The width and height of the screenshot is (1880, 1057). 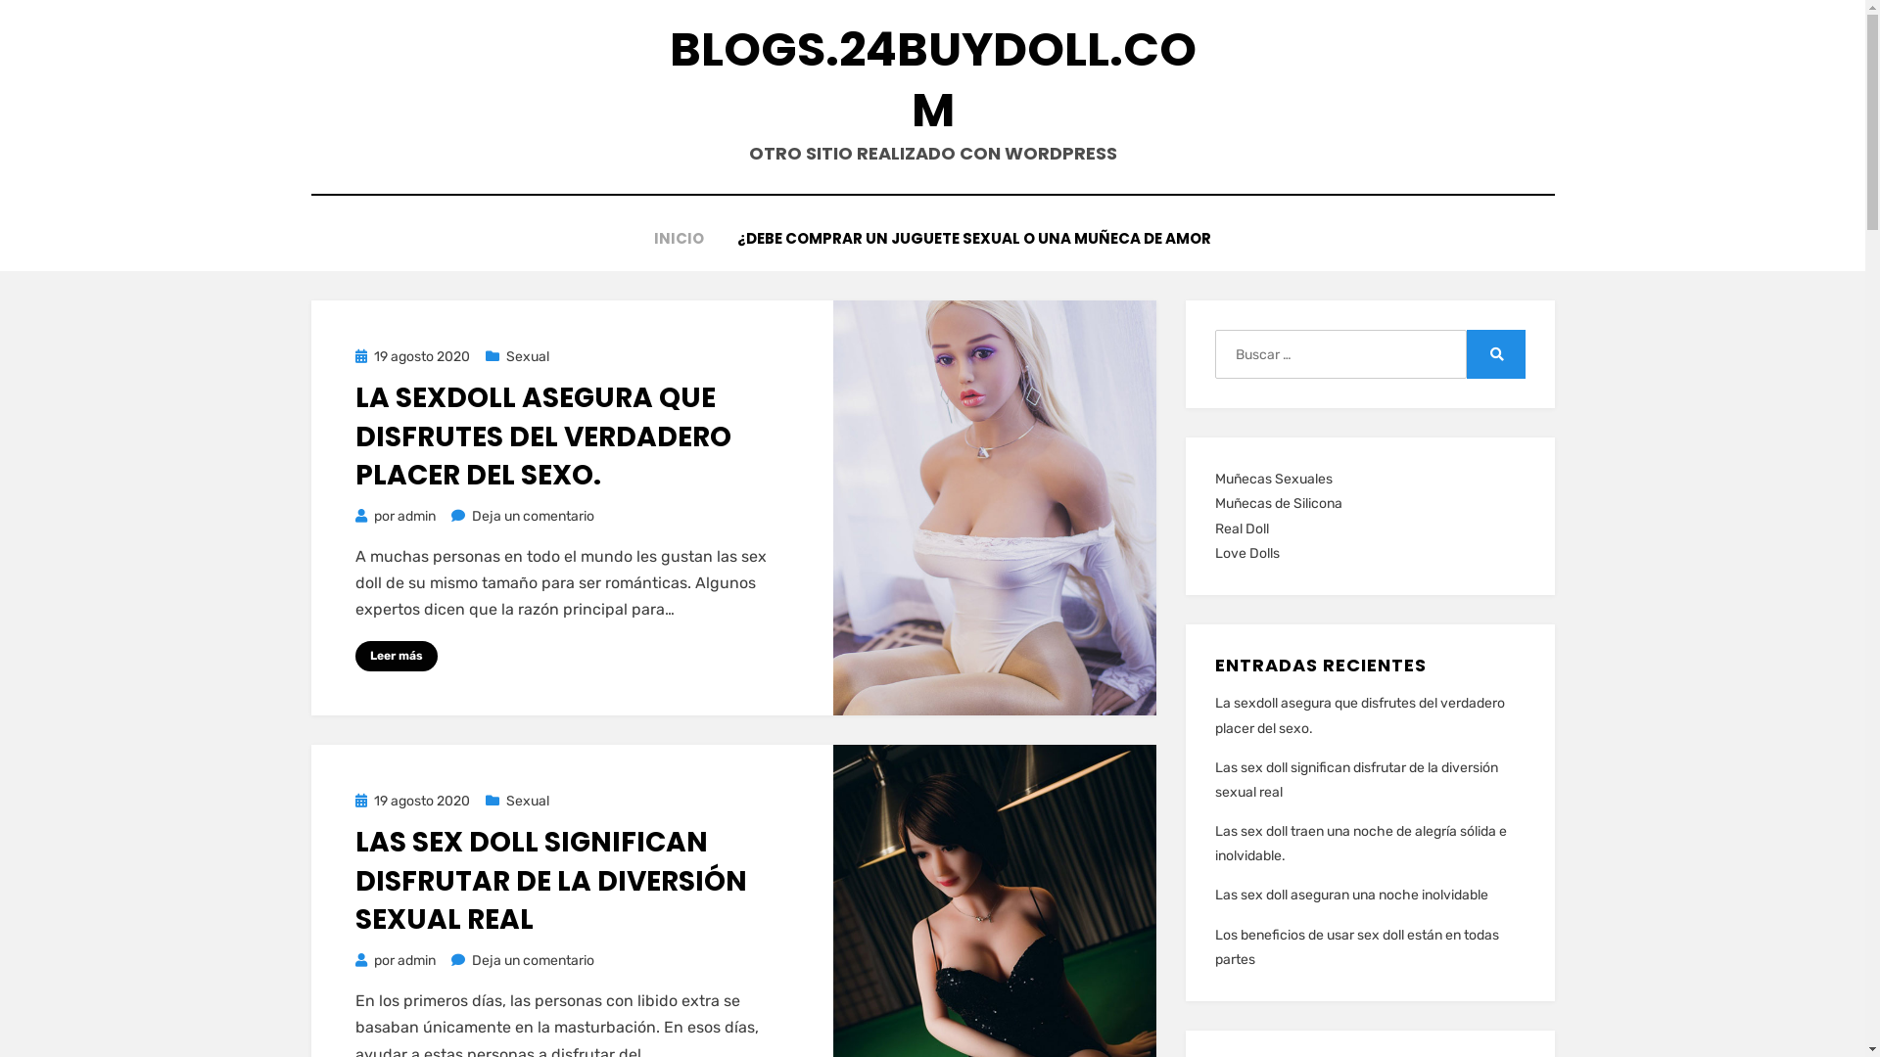 I want to click on 'INICIO', so click(x=679, y=237).